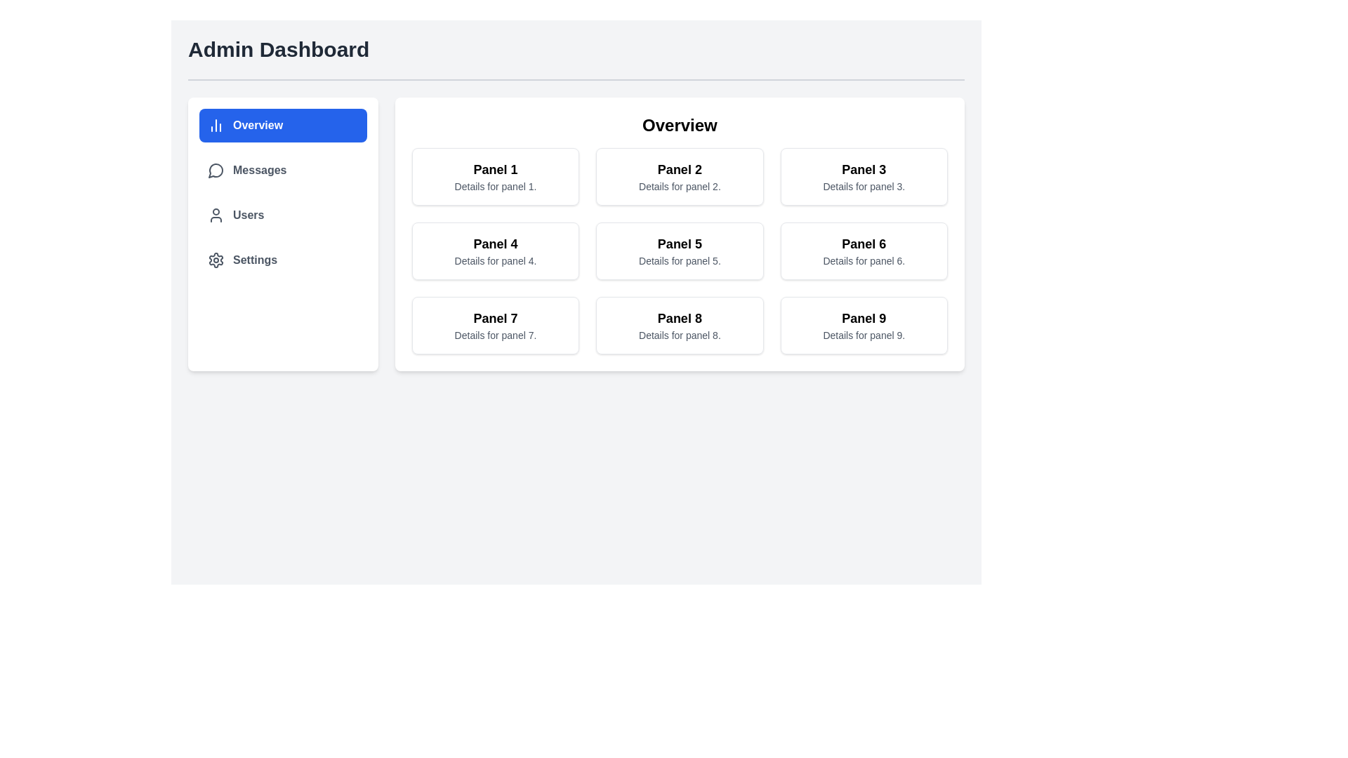 Image resolution: width=1348 pixels, height=758 pixels. What do you see at coordinates (260, 170) in the screenshot?
I see `'Messages' text label located in the sidebar menu, which is the second item below the title 'Overview' and has a gray hover effect, indicating it is clickable` at bounding box center [260, 170].